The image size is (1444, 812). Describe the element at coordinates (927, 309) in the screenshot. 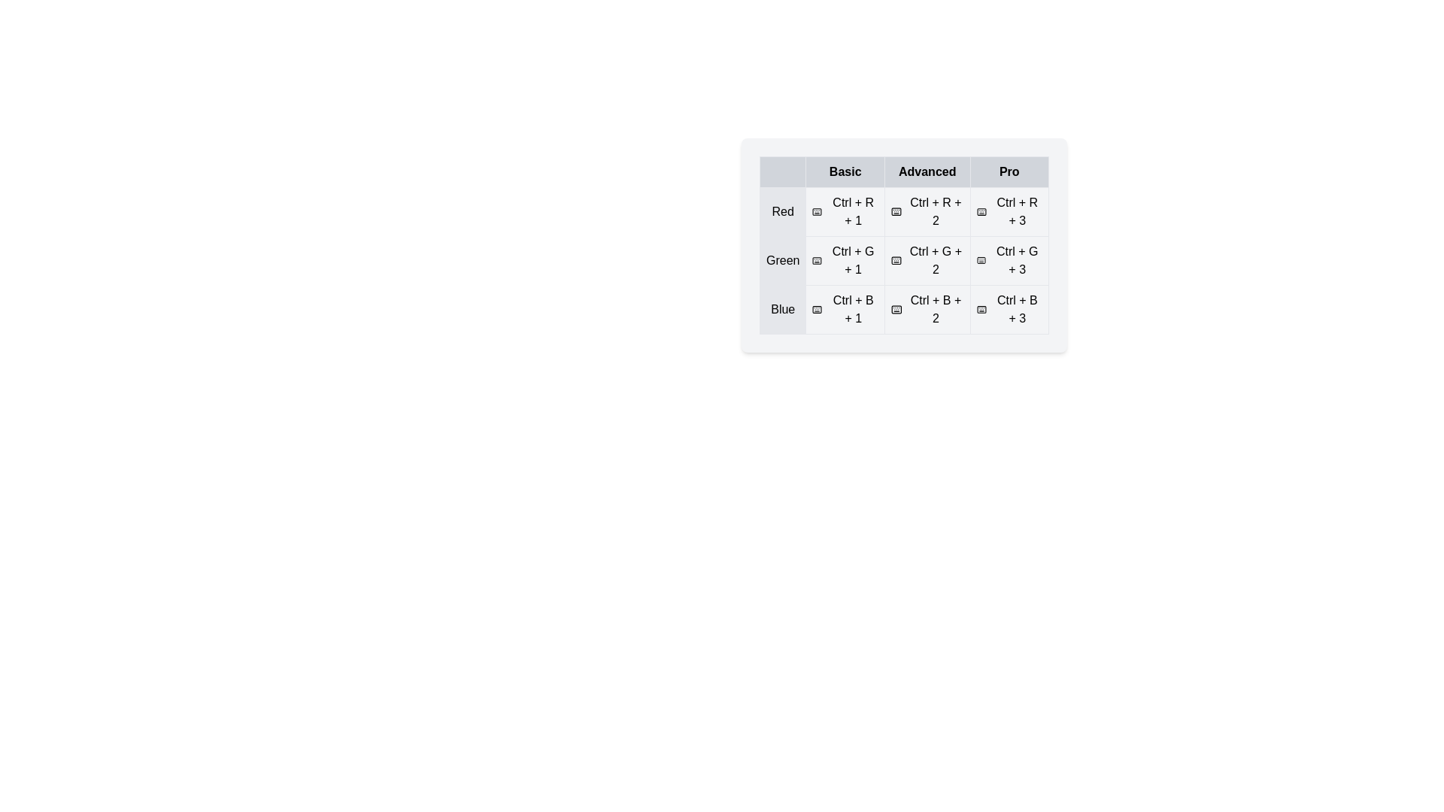

I see `the Static Display Text with Icon displaying the keyboard shortcut (Ctrl + B + 2) located in the third row (Blue) and second column (Advanced) of the table` at that location.